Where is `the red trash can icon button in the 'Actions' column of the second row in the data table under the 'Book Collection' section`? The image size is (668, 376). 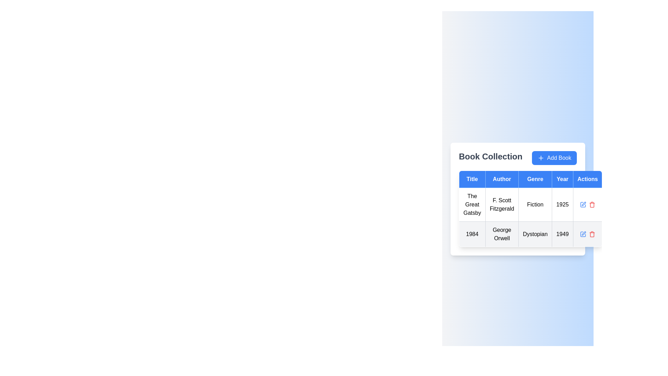 the red trash can icon button in the 'Actions' column of the second row in the data table under the 'Book Collection' section is located at coordinates (592, 234).